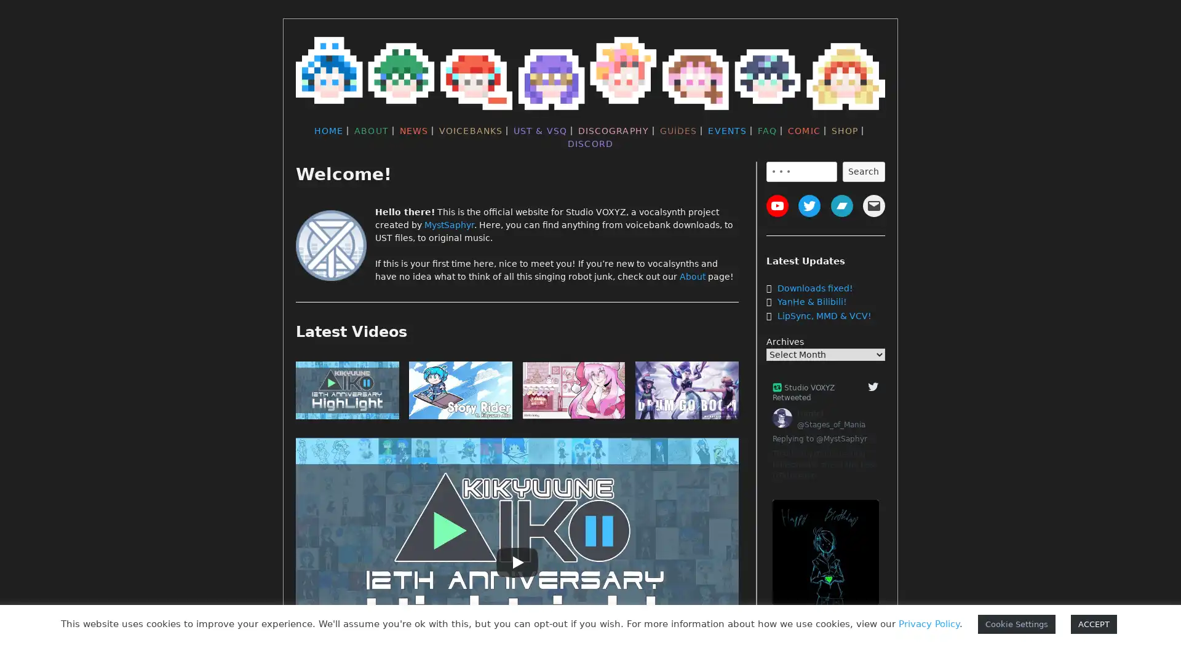 The width and height of the screenshot is (1181, 664). Describe the element at coordinates (686, 393) in the screenshot. I see `play` at that location.